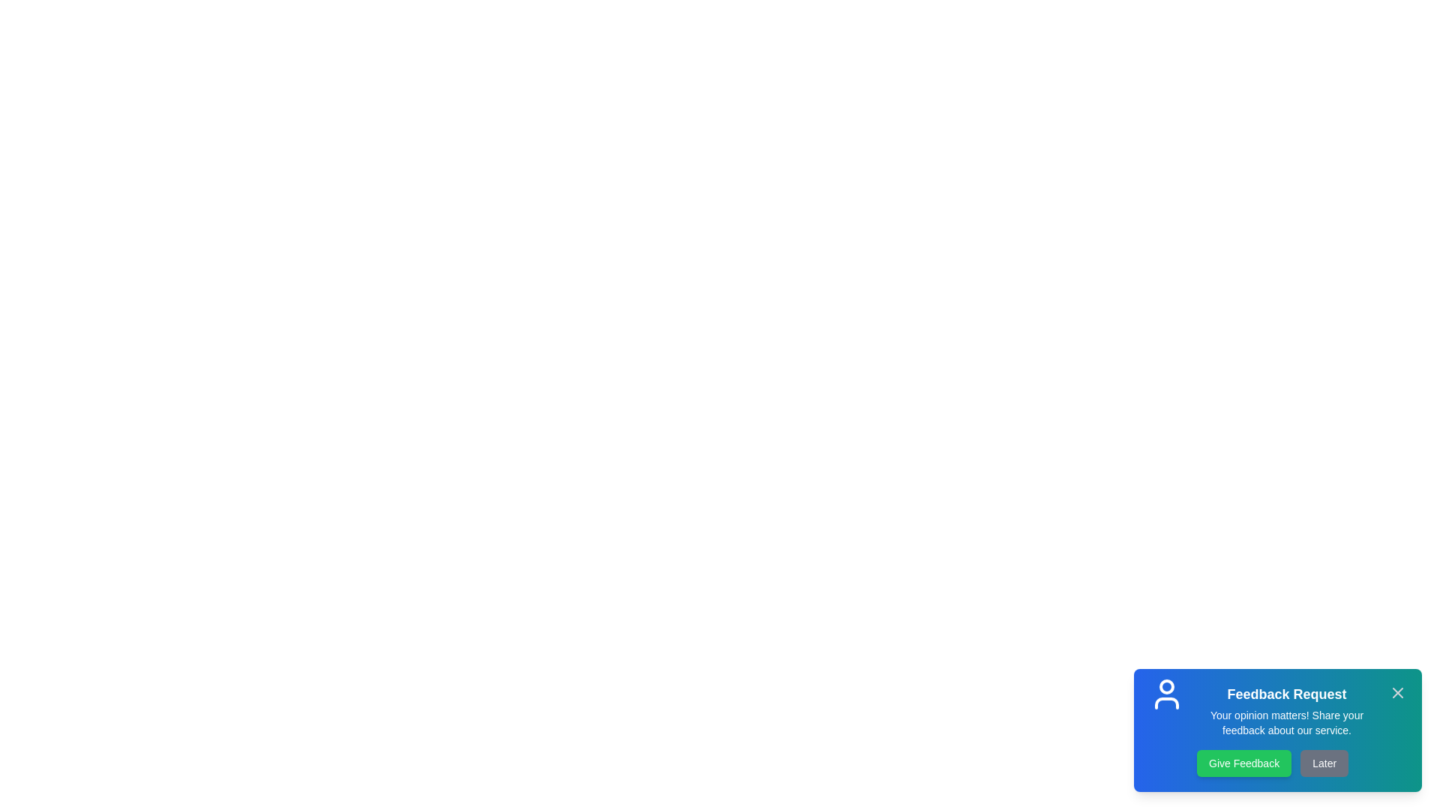 The height and width of the screenshot is (810, 1440). Describe the element at coordinates (1324, 763) in the screenshot. I see `the 'Later' button to dismiss the feedback snackbar` at that location.